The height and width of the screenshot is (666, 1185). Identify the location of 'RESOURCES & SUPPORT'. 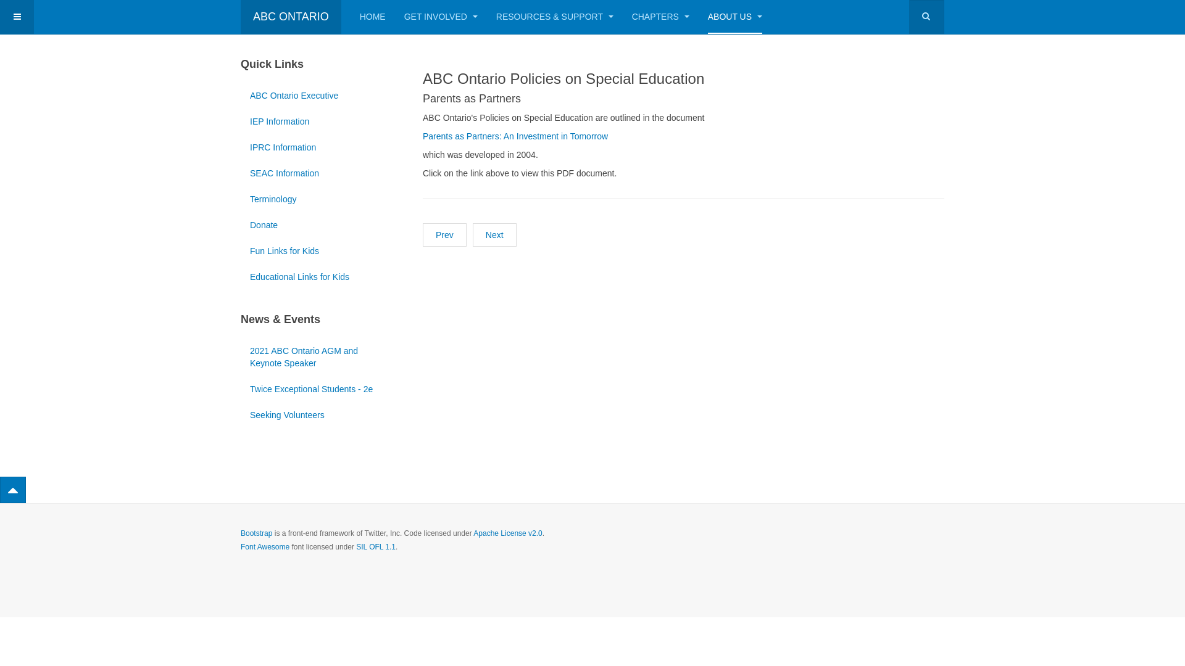
(554, 17).